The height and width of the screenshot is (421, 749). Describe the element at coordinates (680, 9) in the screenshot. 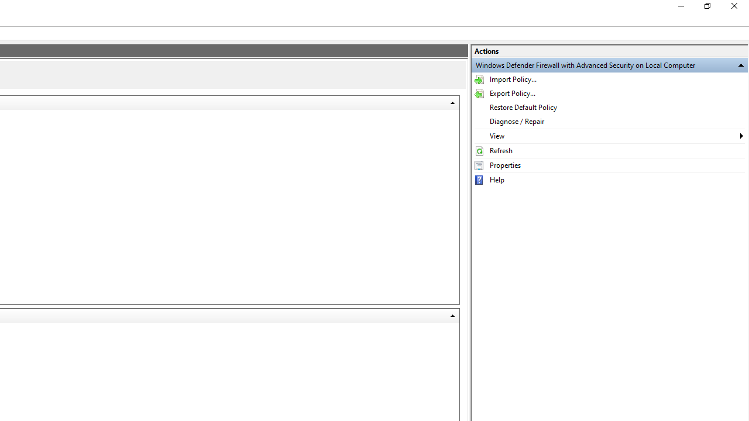

I see `'Minimize'` at that location.